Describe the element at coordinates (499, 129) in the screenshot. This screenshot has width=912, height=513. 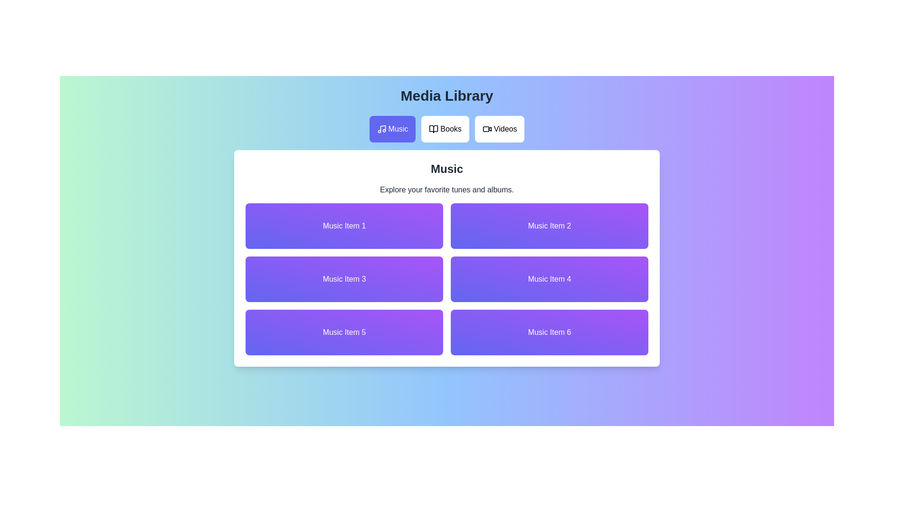
I see `the Videos tab in the media library` at that location.